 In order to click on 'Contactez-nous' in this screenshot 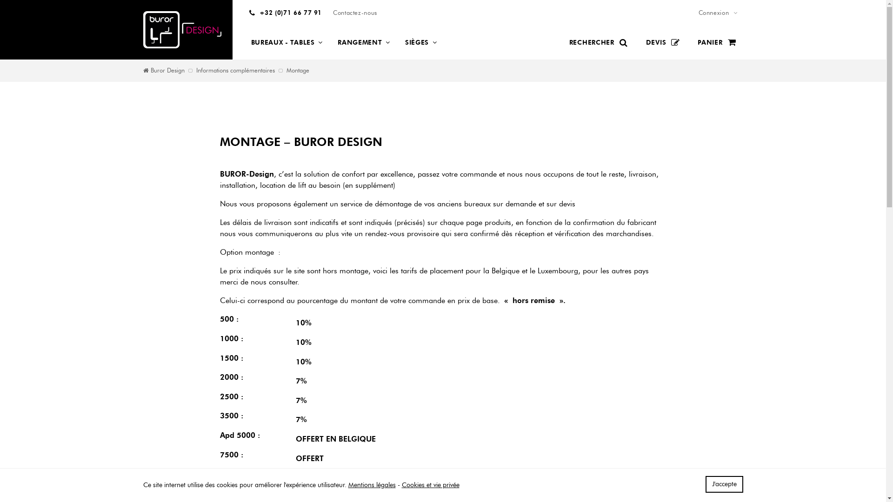, I will do `click(327, 13)`.